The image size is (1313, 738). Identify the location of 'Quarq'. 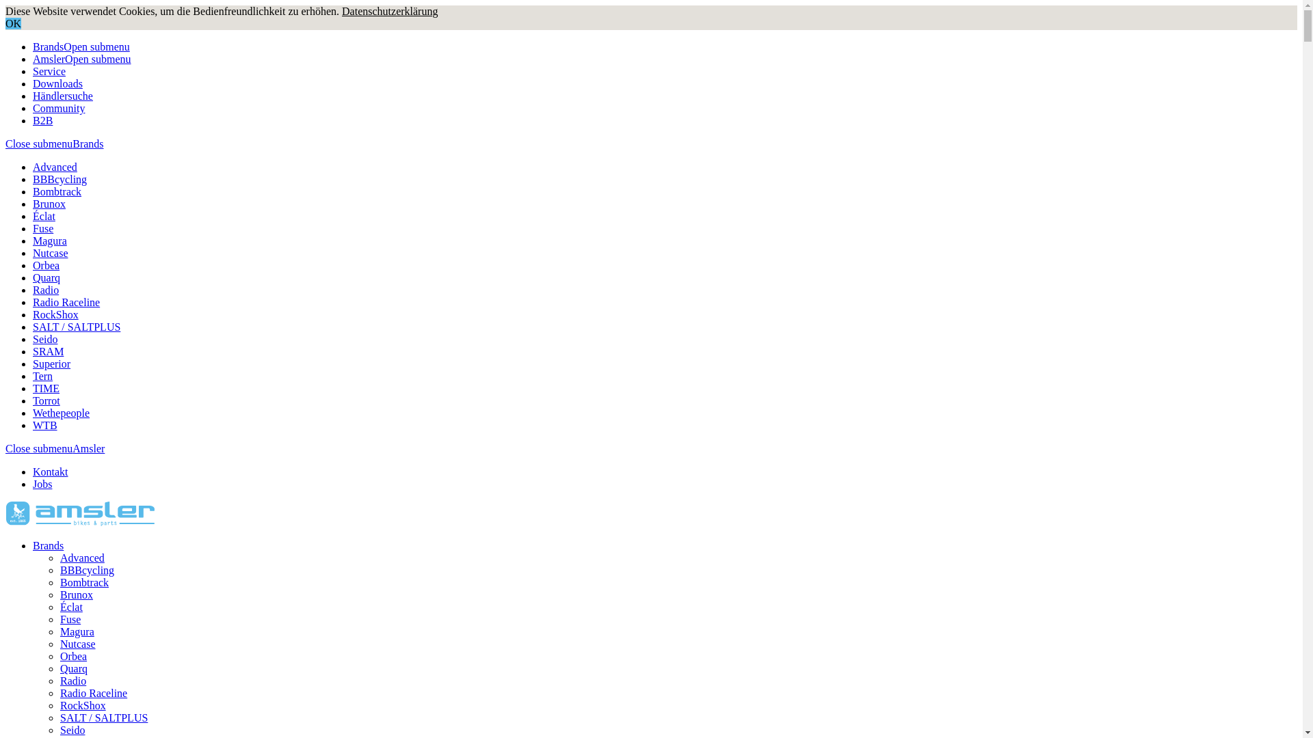
(59, 668).